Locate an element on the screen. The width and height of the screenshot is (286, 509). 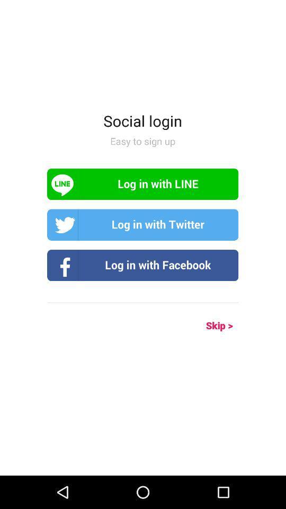
log in to facebook is located at coordinates (142, 265).